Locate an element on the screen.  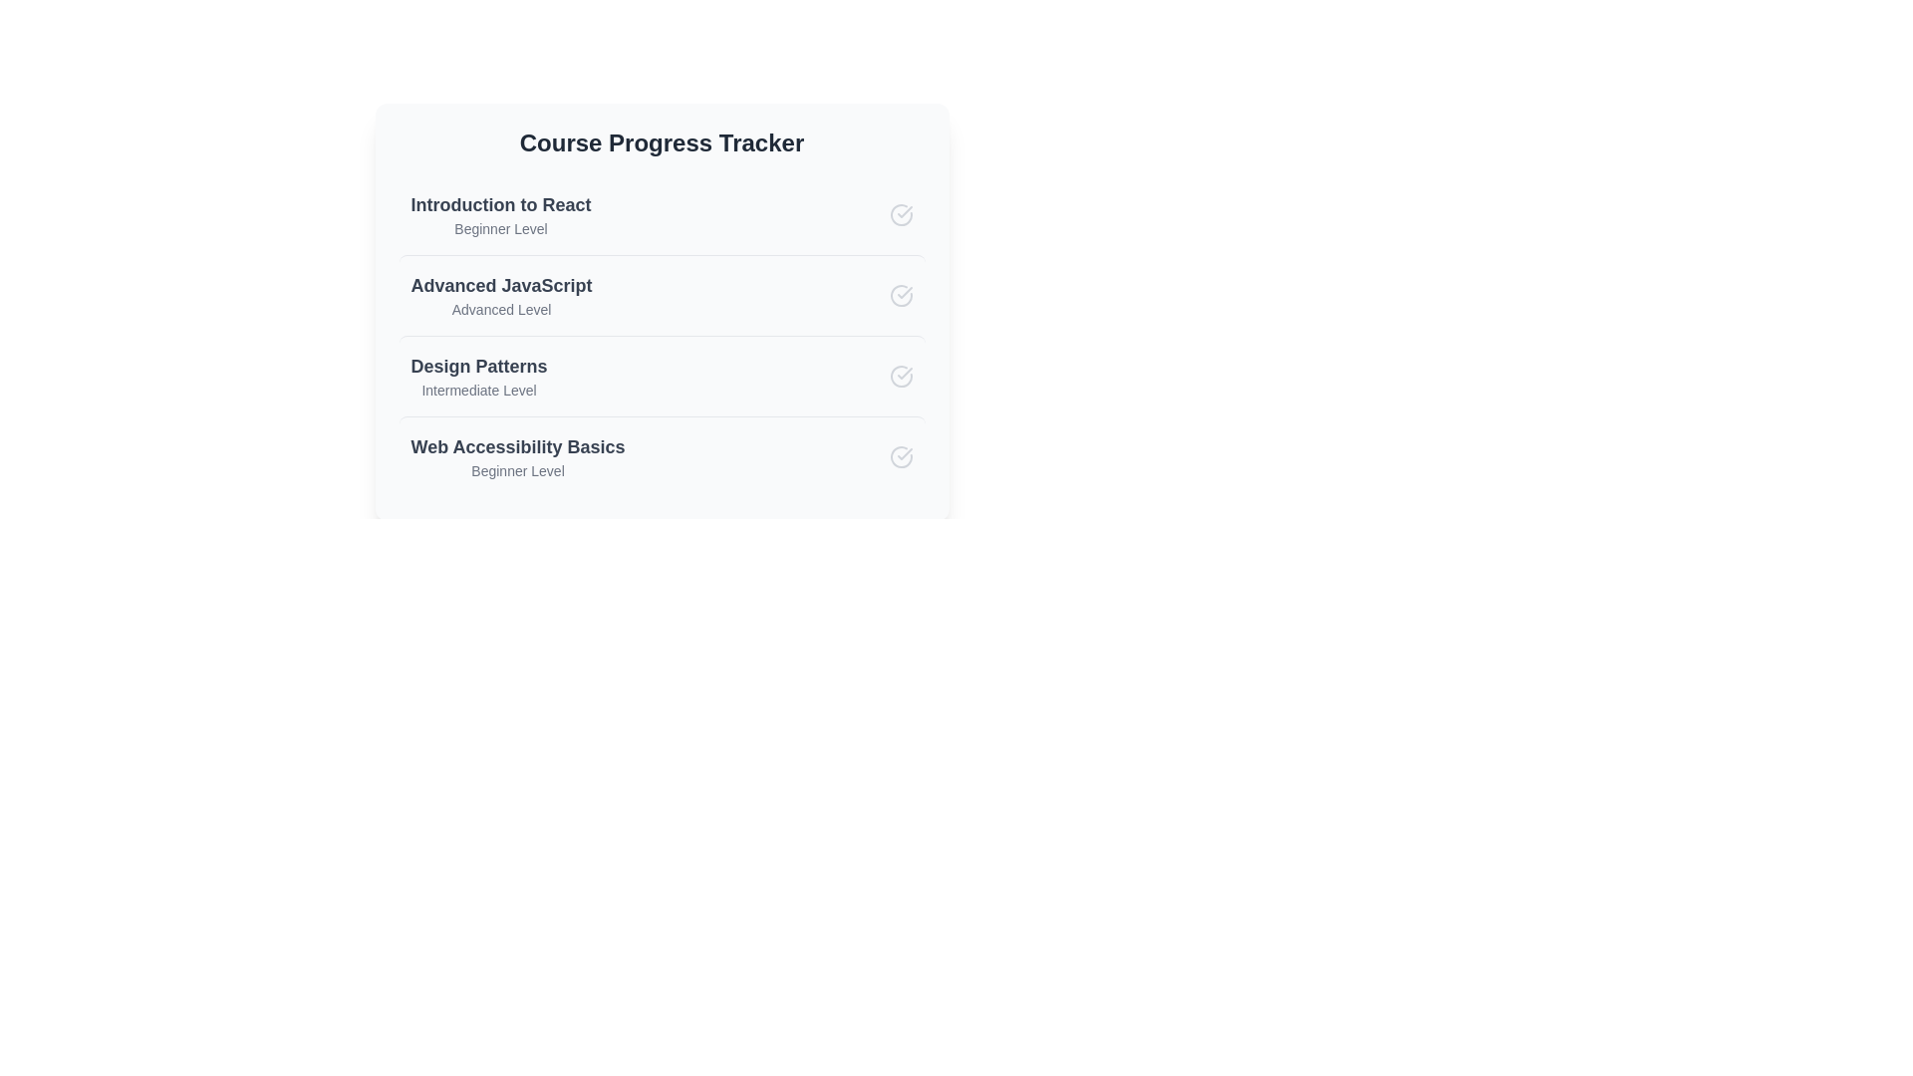
the icon representing the completed or selected state for the course entry 'Introduction to React Beginner Level', located on the far right adjacent to the text description is located at coordinates (900, 215).